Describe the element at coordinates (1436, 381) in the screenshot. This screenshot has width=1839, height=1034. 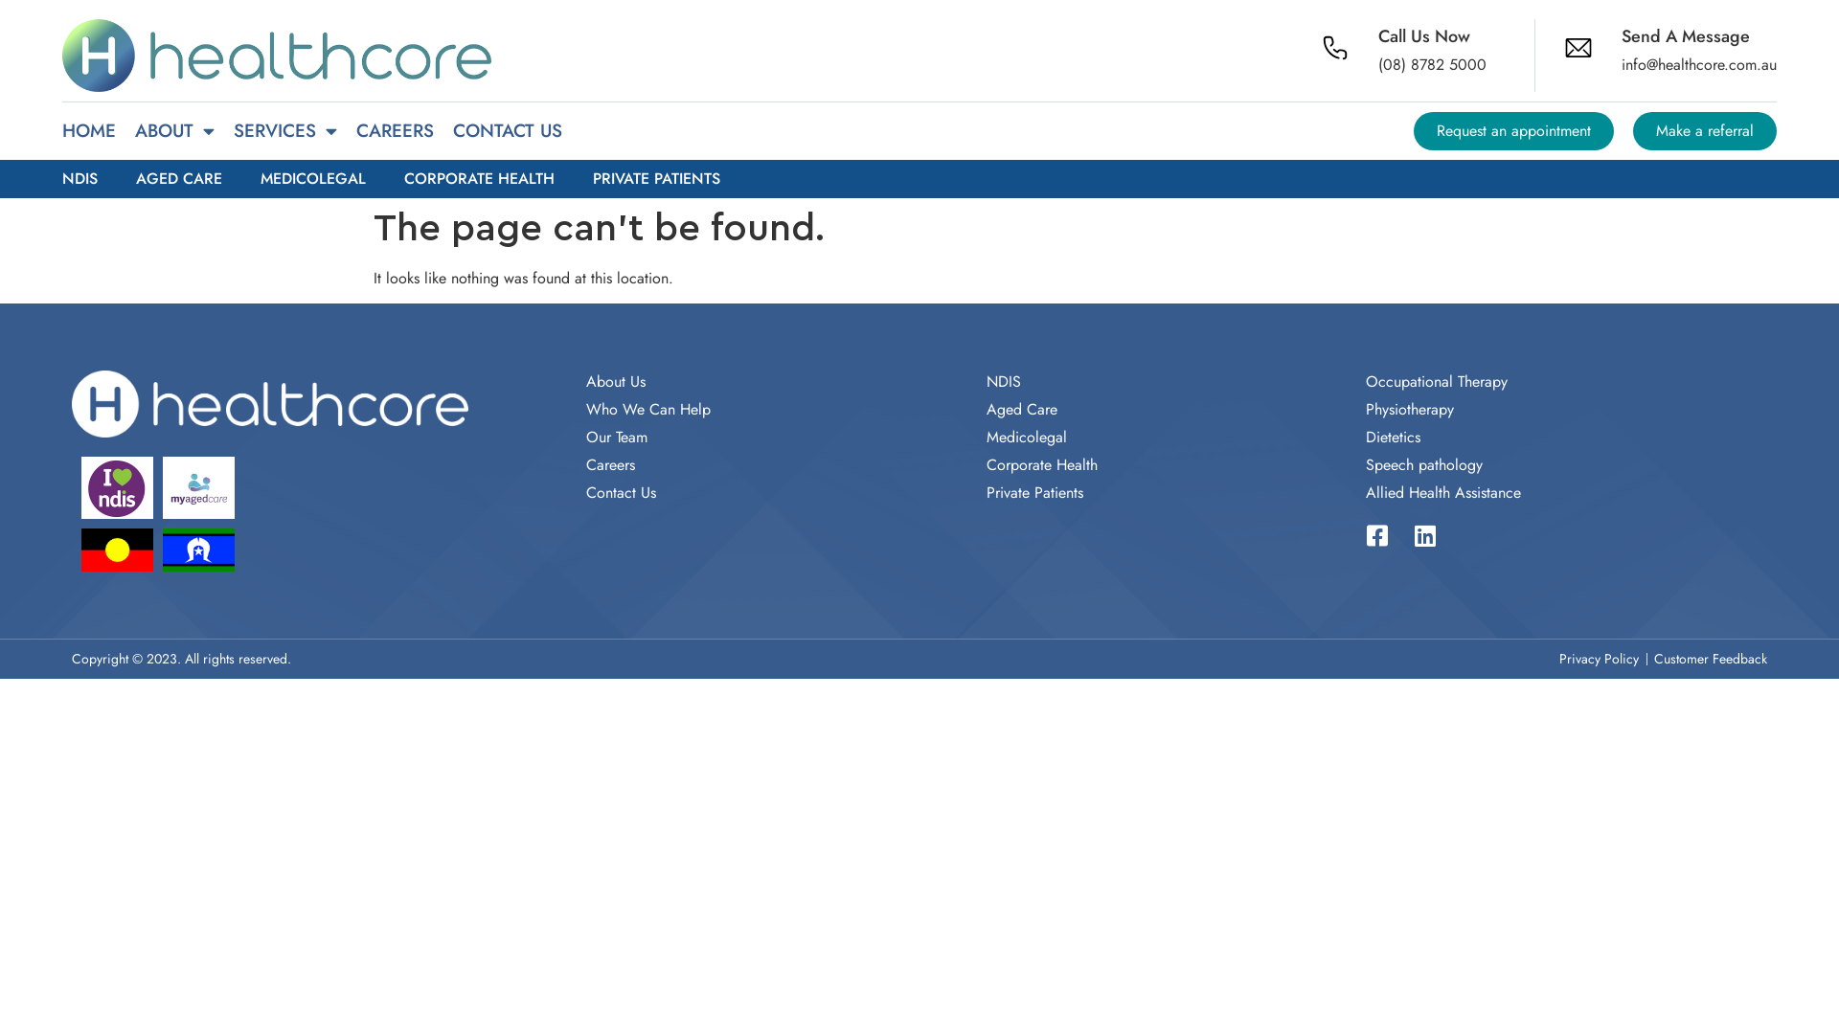
I see `'Occupational Therapy'` at that location.